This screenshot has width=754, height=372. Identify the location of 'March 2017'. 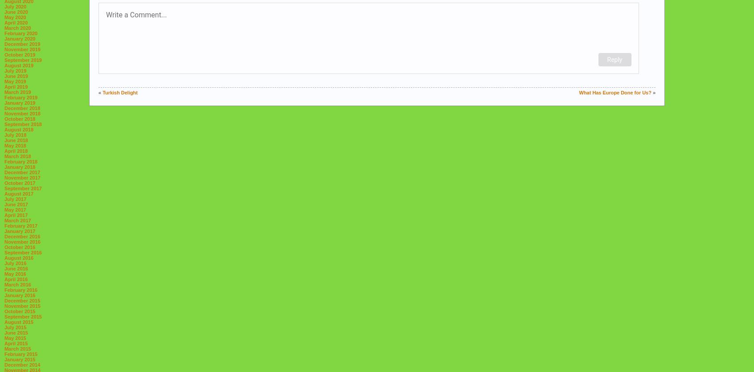
(17, 220).